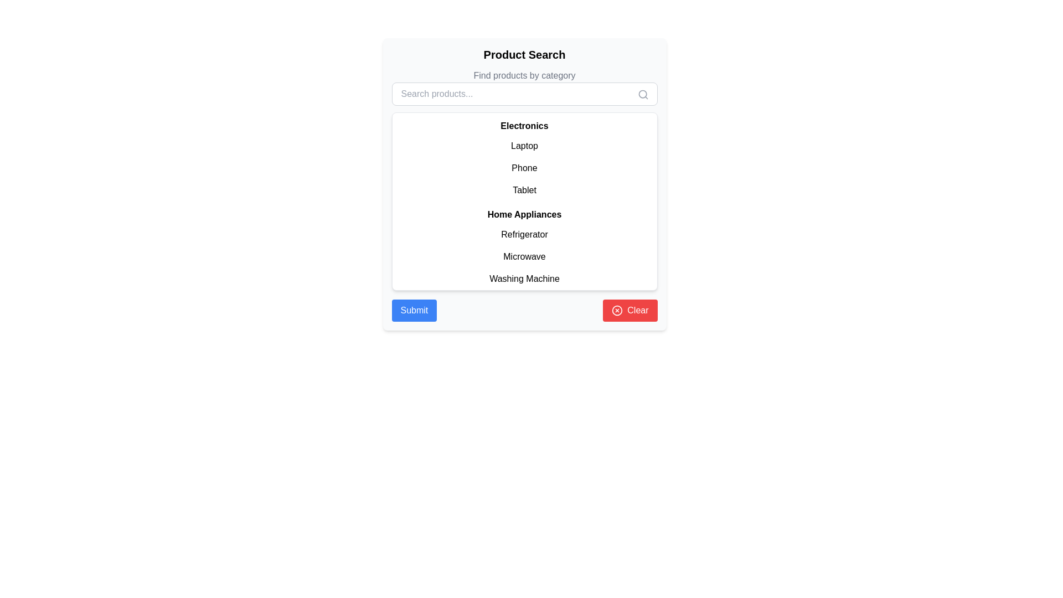  I want to click on the 'Microwave' text label in the 'Home Appliances' section of the product category list, so click(524, 256).